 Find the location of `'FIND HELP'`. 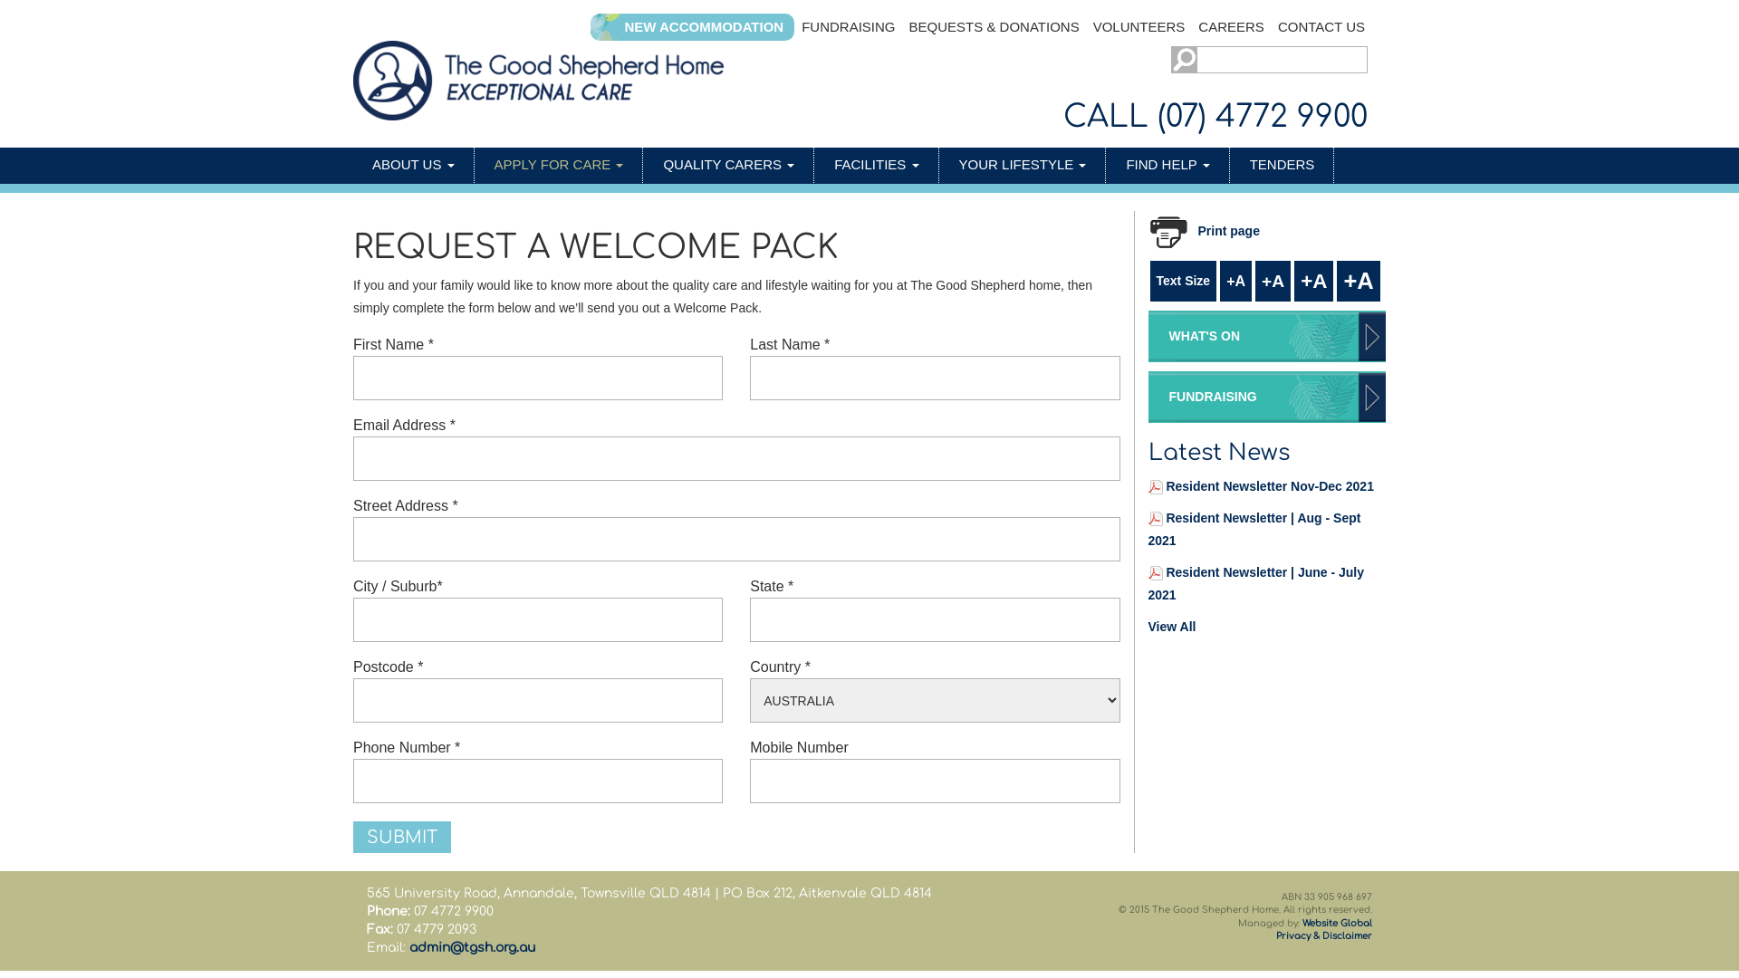

'FIND HELP' is located at coordinates (1167, 165).